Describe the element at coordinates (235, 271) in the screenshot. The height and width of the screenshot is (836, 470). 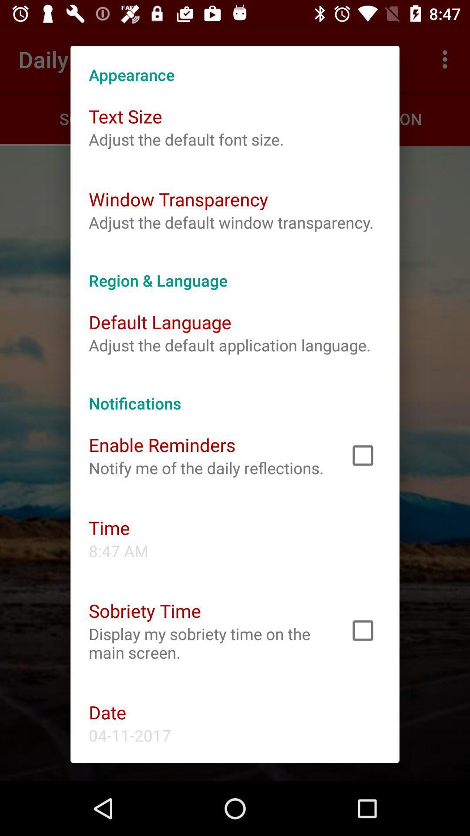
I see `the region & language app` at that location.